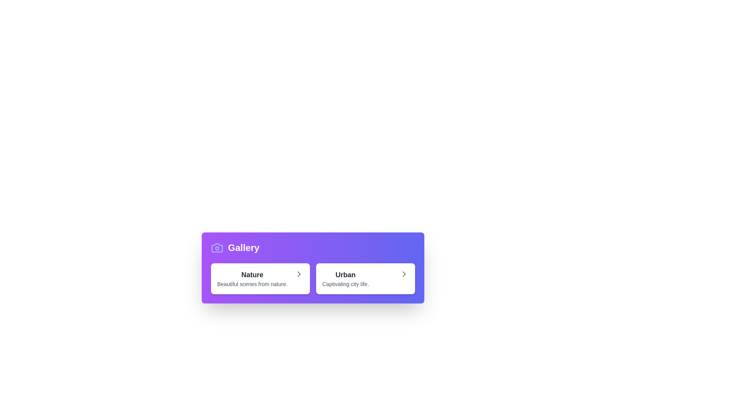 This screenshot has width=742, height=417. What do you see at coordinates (345, 284) in the screenshot?
I see `the text 'Captivating city life.' which is located beneath the heading 'Urban' in the right card of the gallery layout` at bounding box center [345, 284].